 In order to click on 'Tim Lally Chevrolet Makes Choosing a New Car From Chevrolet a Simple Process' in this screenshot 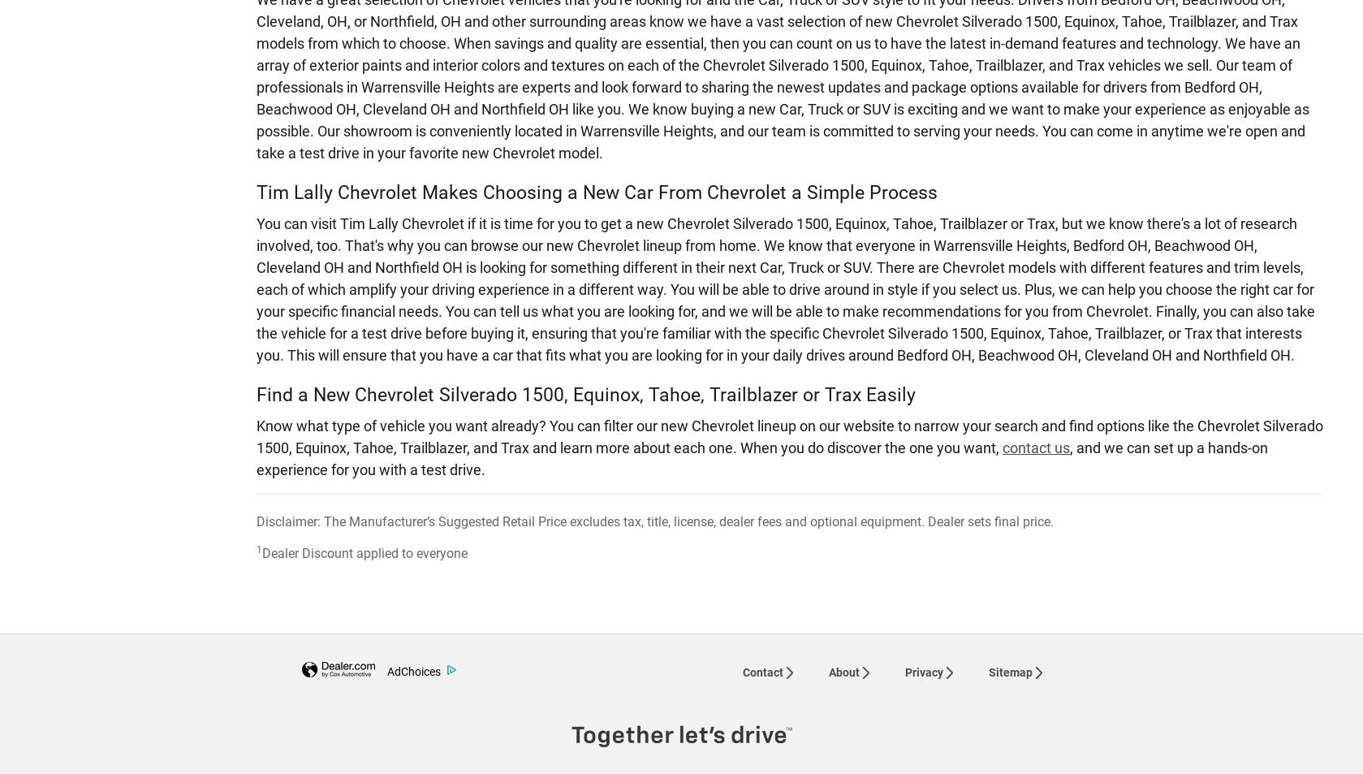, I will do `click(597, 192)`.